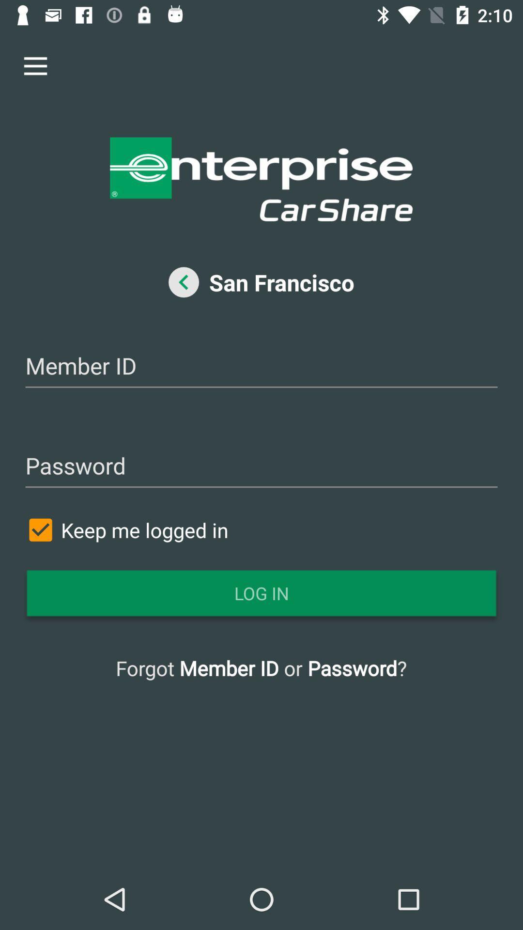 This screenshot has height=930, width=523. I want to click on id textbox, so click(261, 367).